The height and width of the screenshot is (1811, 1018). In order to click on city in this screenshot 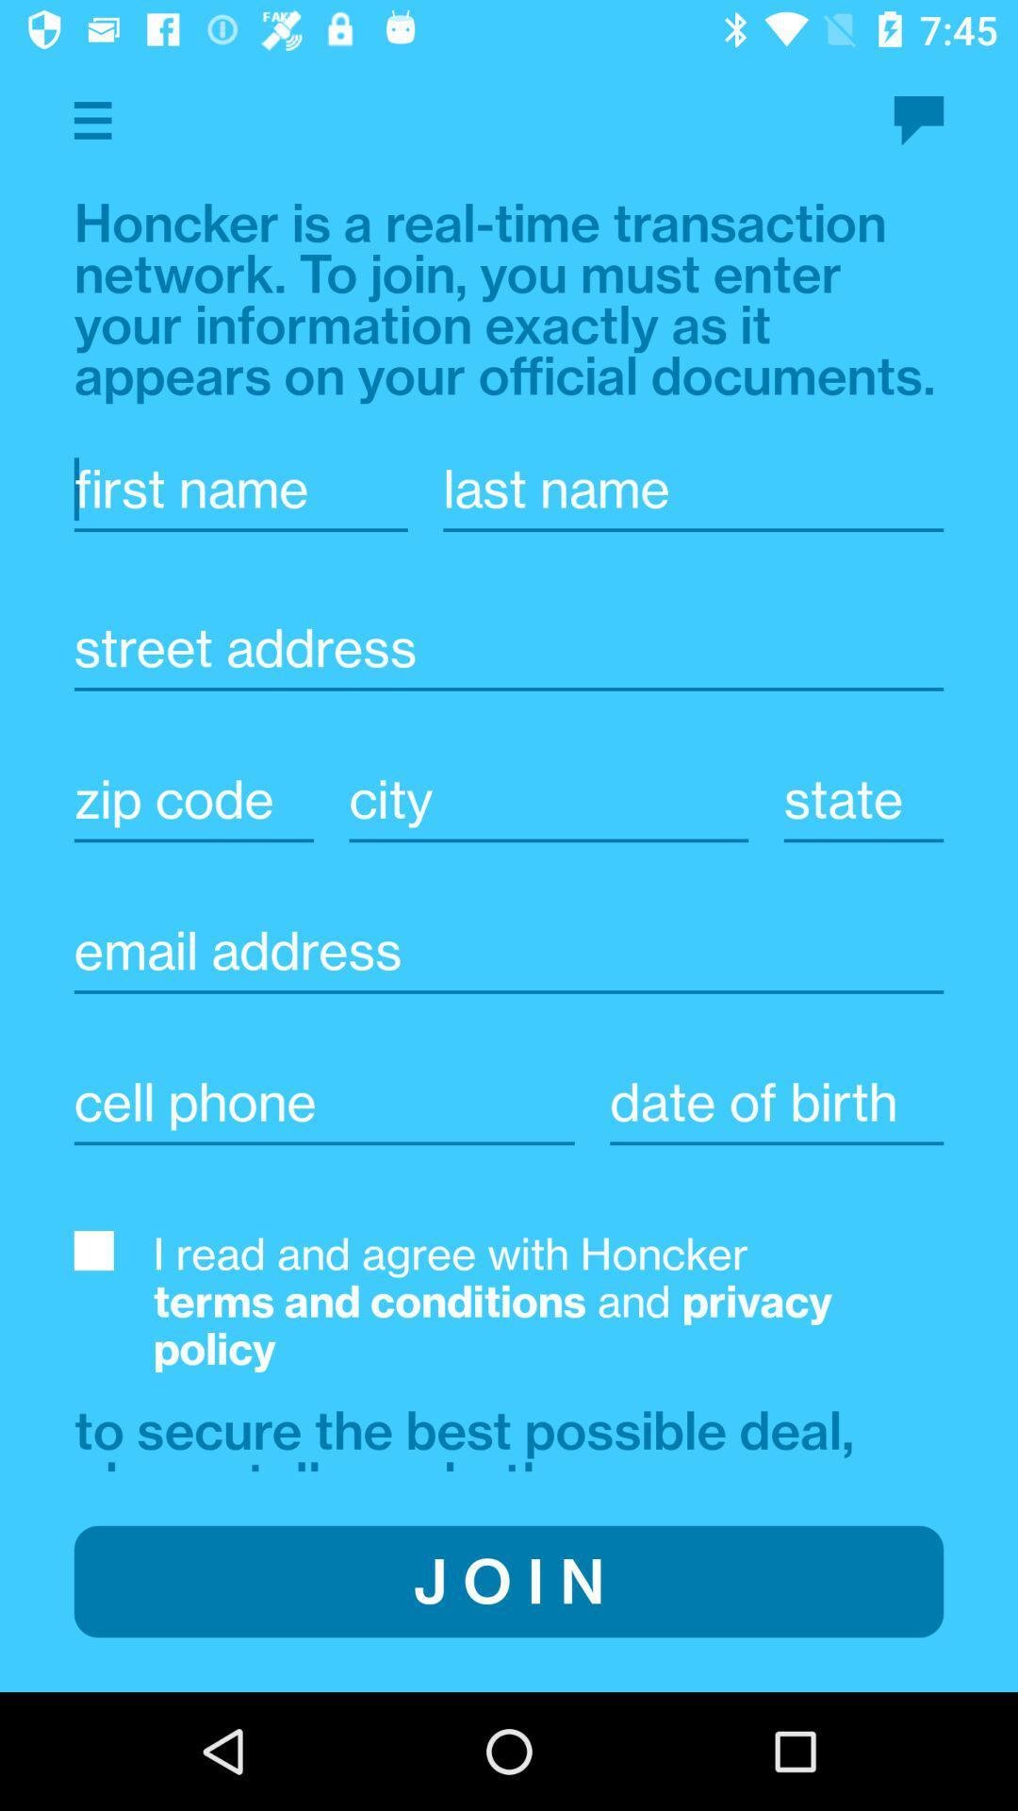, I will do `click(549, 799)`.